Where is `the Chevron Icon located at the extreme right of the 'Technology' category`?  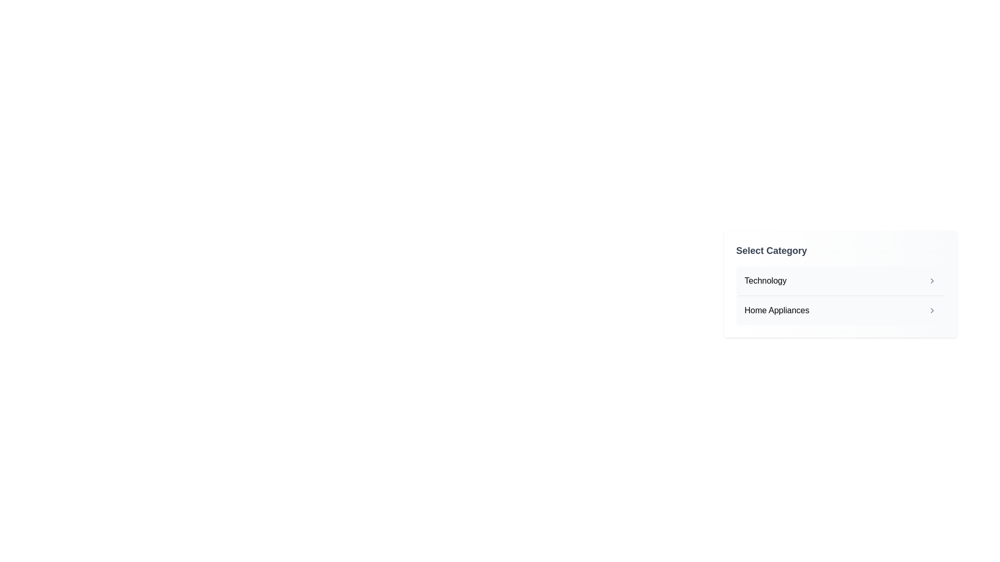
the Chevron Icon located at the extreme right of the 'Technology' category is located at coordinates (932, 281).